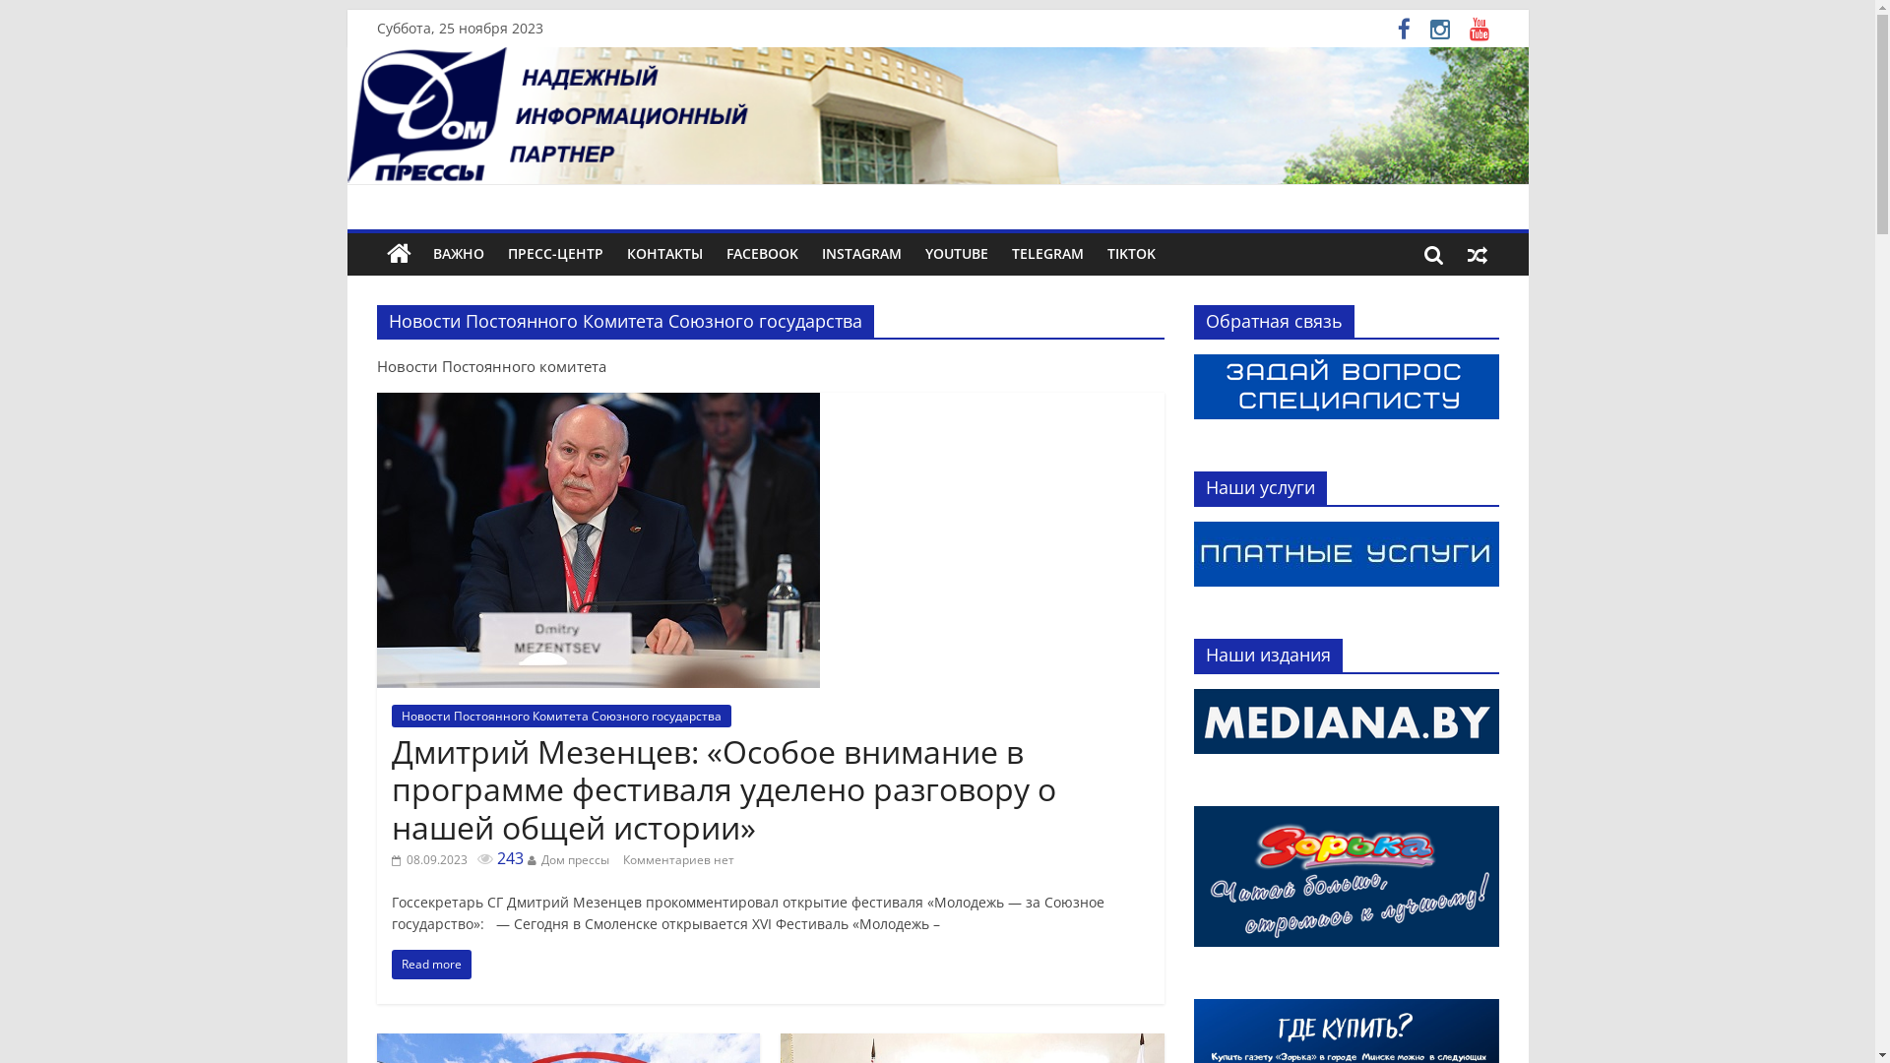  Describe the element at coordinates (1046, 253) in the screenshot. I see `'TELEGRAM'` at that location.